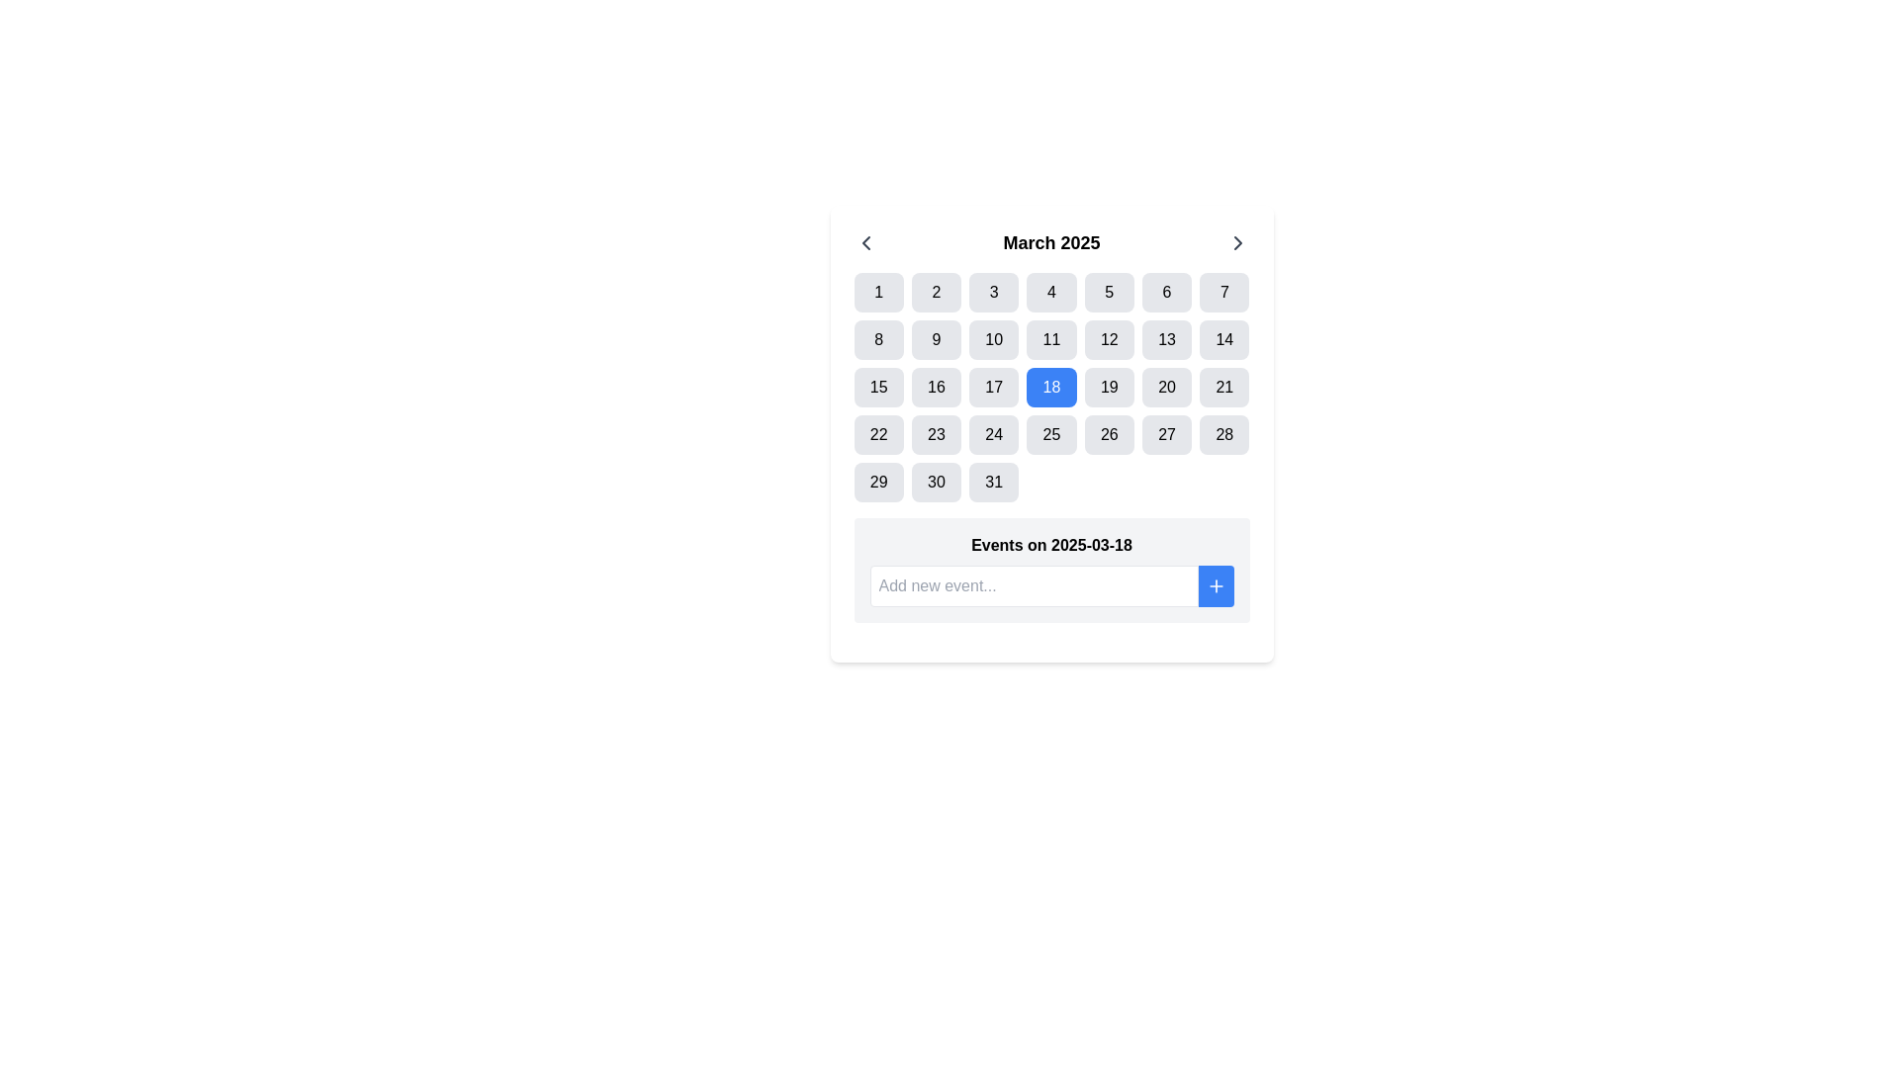 The height and width of the screenshot is (1068, 1899). What do you see at coordinates (1167, 433) in the screenshot?
I see `the button displaying the date '27' in a calendar grid layout for March 2025` at bounding box center [1167, 433].